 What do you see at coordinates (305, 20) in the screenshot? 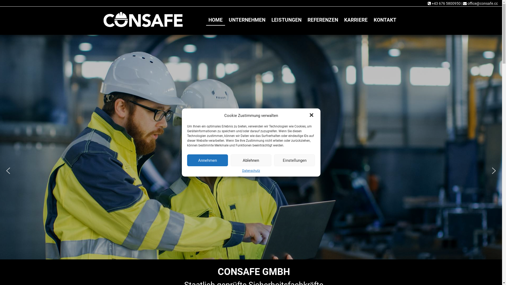
I see `'REFERENZEN'` at bounding box center [305, 20].